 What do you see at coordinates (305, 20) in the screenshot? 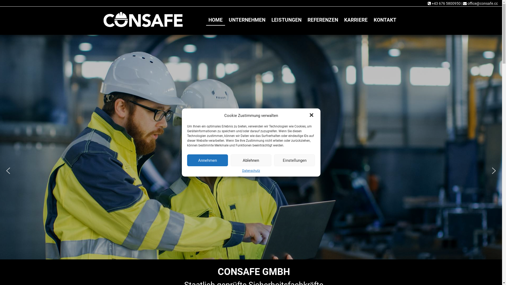
I see `'REFERENZEN'` at bounding box center [305, 20].